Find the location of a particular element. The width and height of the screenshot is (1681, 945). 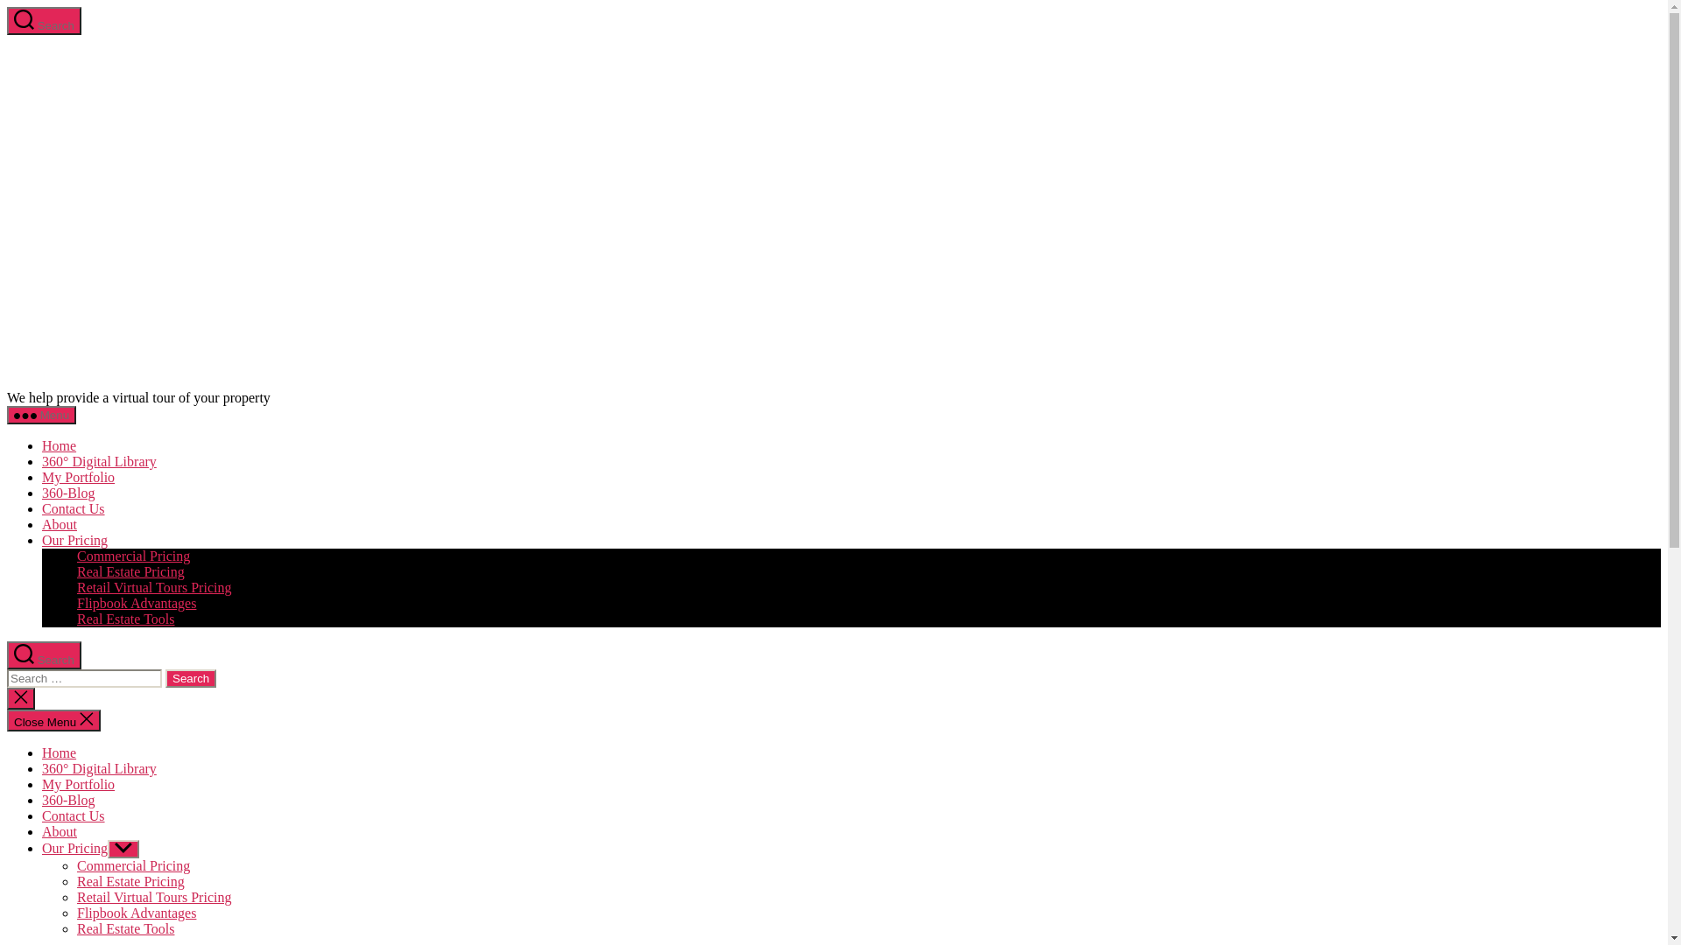

'Real Estate Pricing' is located at coordinates (130, 571).